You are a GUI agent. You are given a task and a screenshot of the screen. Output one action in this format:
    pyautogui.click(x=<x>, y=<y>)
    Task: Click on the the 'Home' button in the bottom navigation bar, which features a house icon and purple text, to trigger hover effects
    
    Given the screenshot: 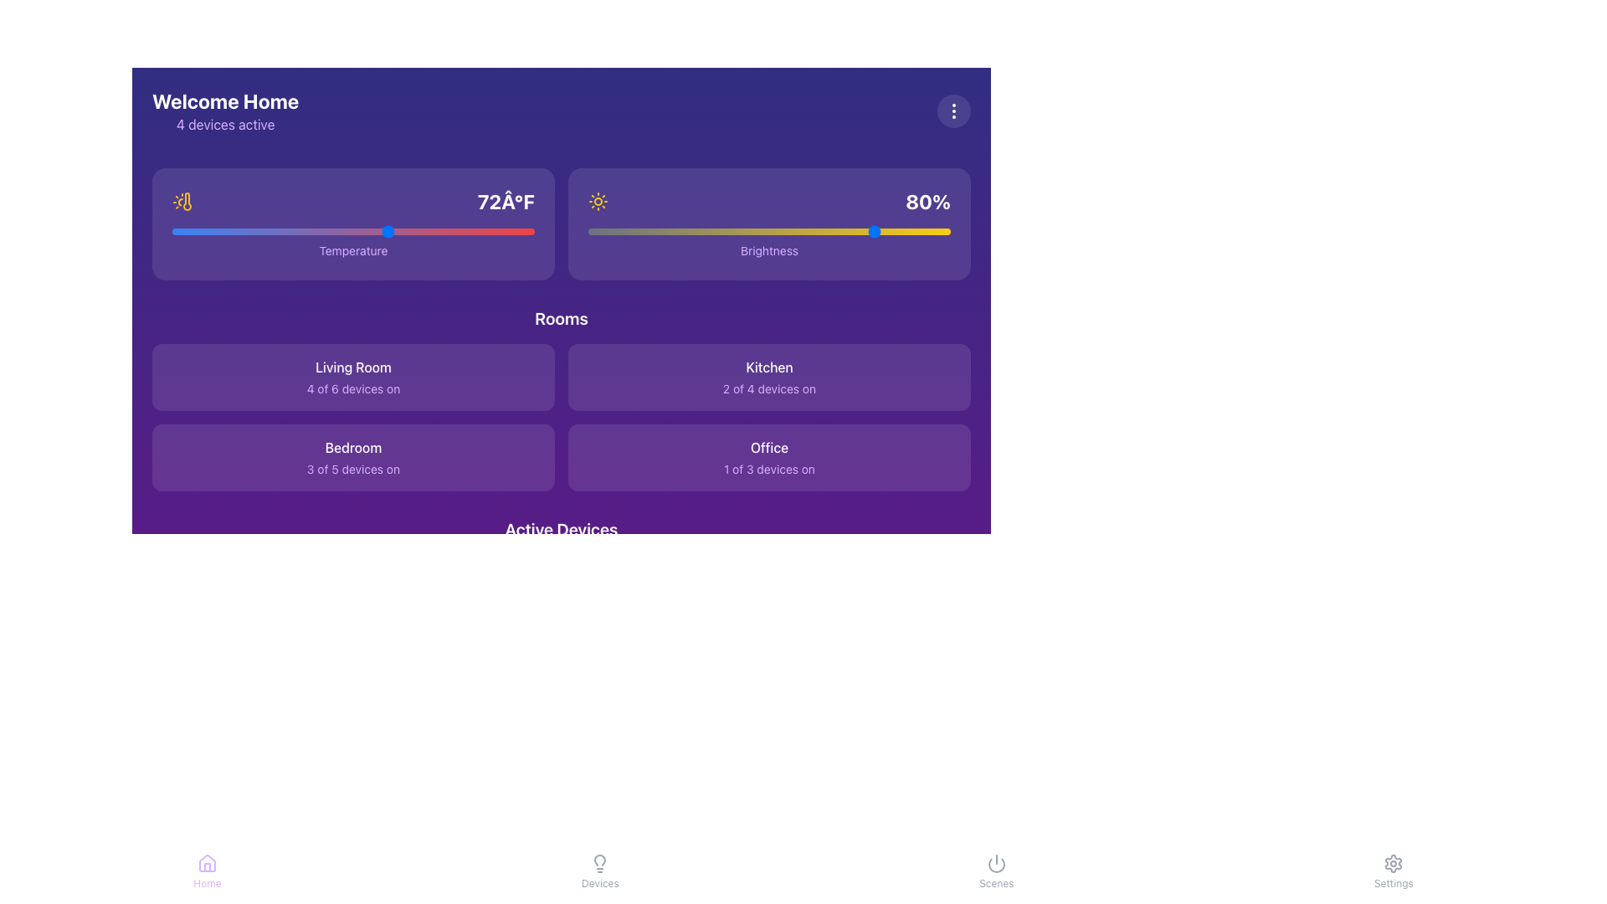 What is the action you would take?
    pyautogui.click(x=206, y=871)
    